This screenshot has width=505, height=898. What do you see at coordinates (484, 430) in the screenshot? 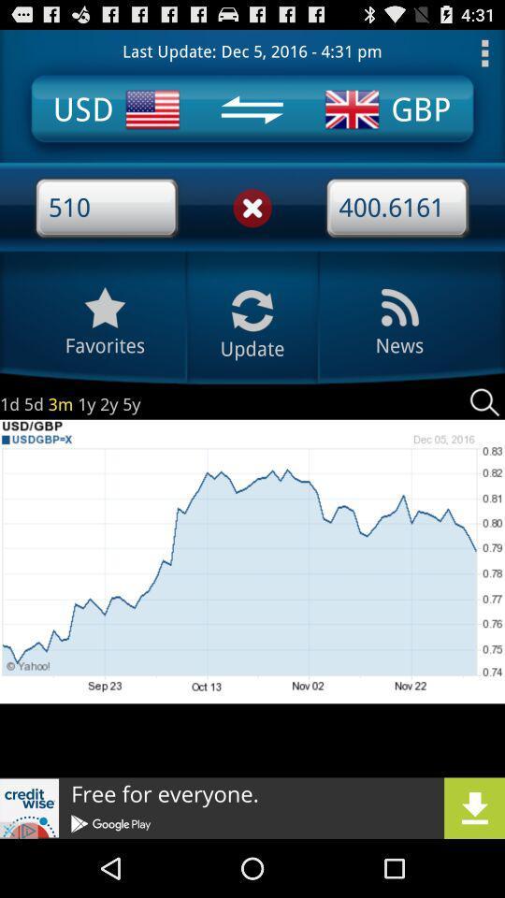
I see `the search icon` at bounding box center [484, 430].